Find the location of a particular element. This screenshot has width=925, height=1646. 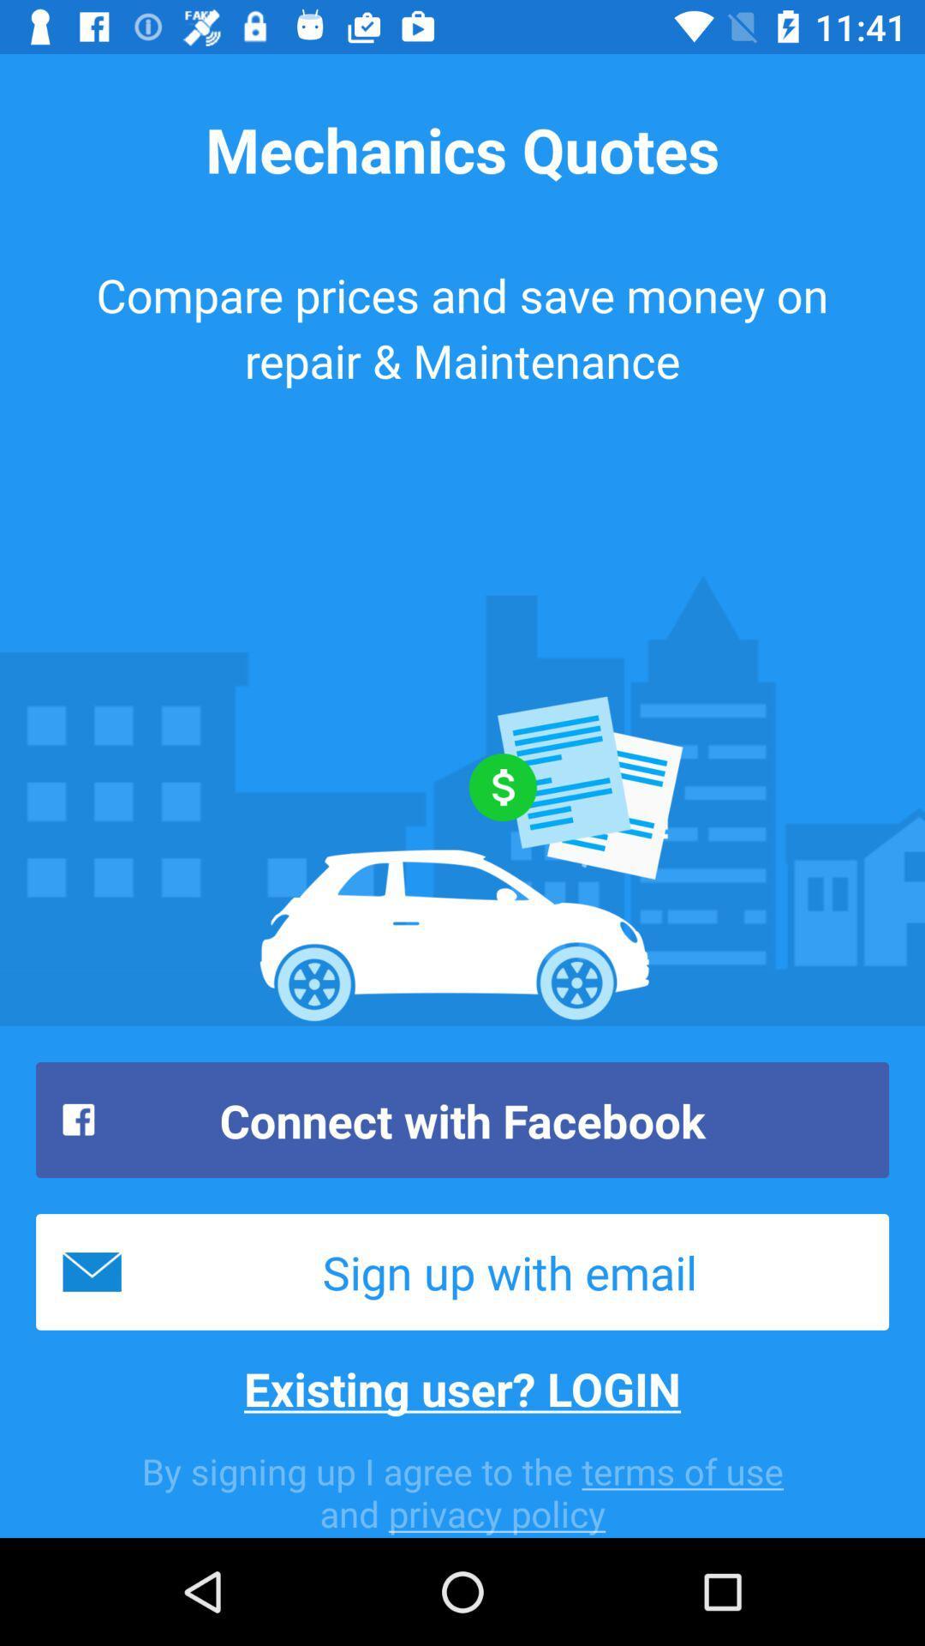

icon above the existing user? login item is located at coordinates (462, 1271).